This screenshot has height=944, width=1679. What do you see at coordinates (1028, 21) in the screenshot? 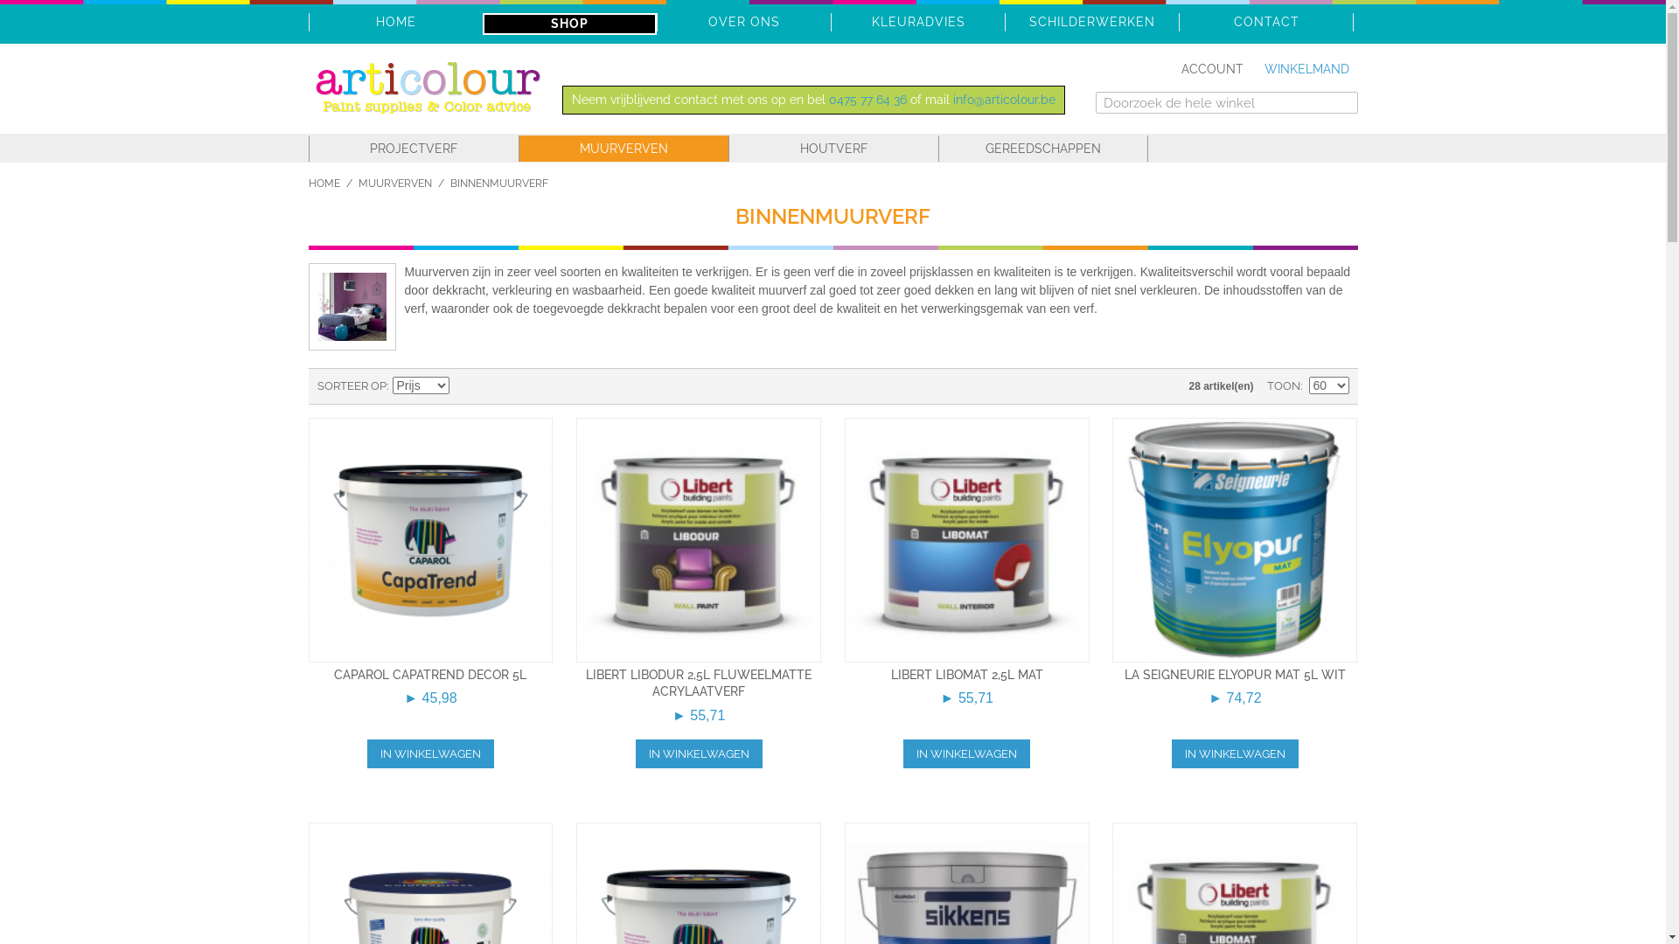
I see `'SCHILDERWERKEN'` at bounding box center [1028, 21].